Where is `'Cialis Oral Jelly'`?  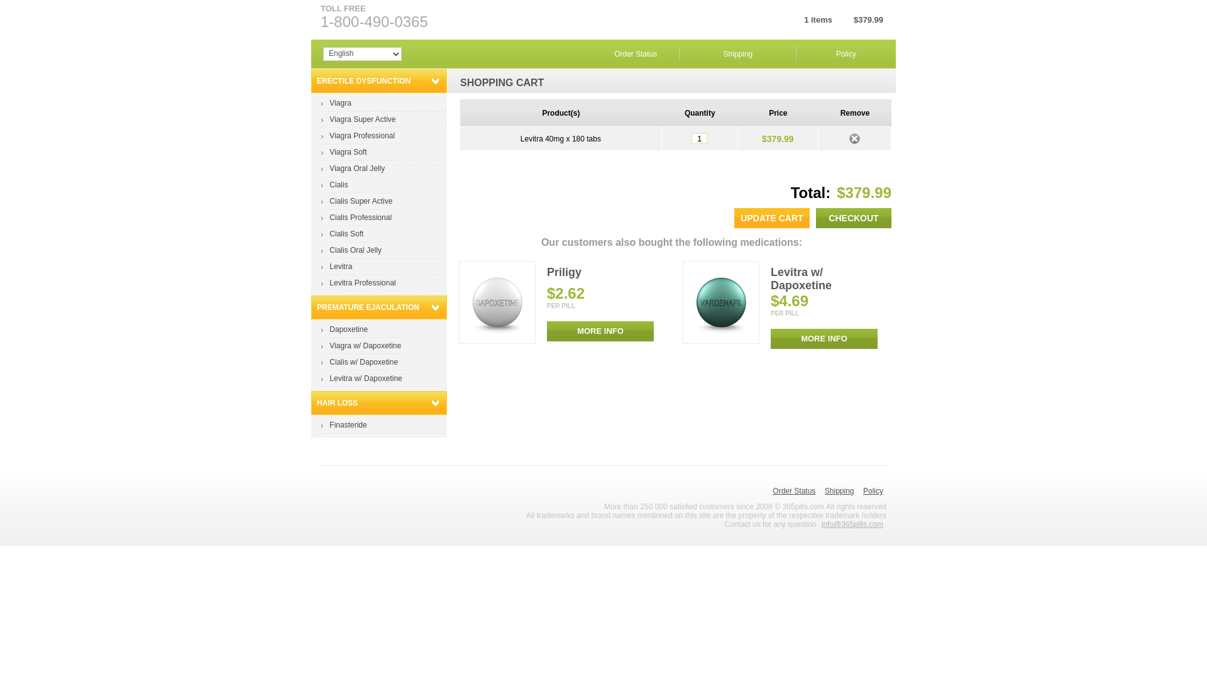 'Cialis Oral Jelly' is located at coordinates (355, 250).